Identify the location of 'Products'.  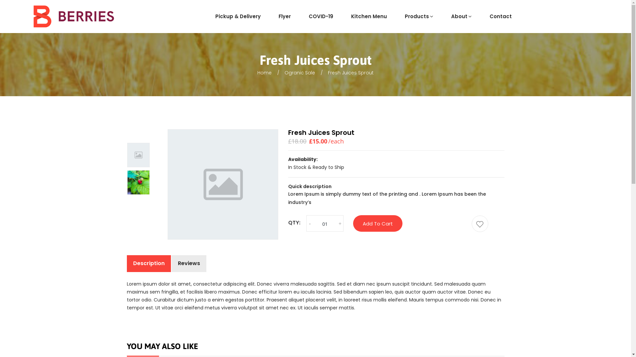
(419, 16).